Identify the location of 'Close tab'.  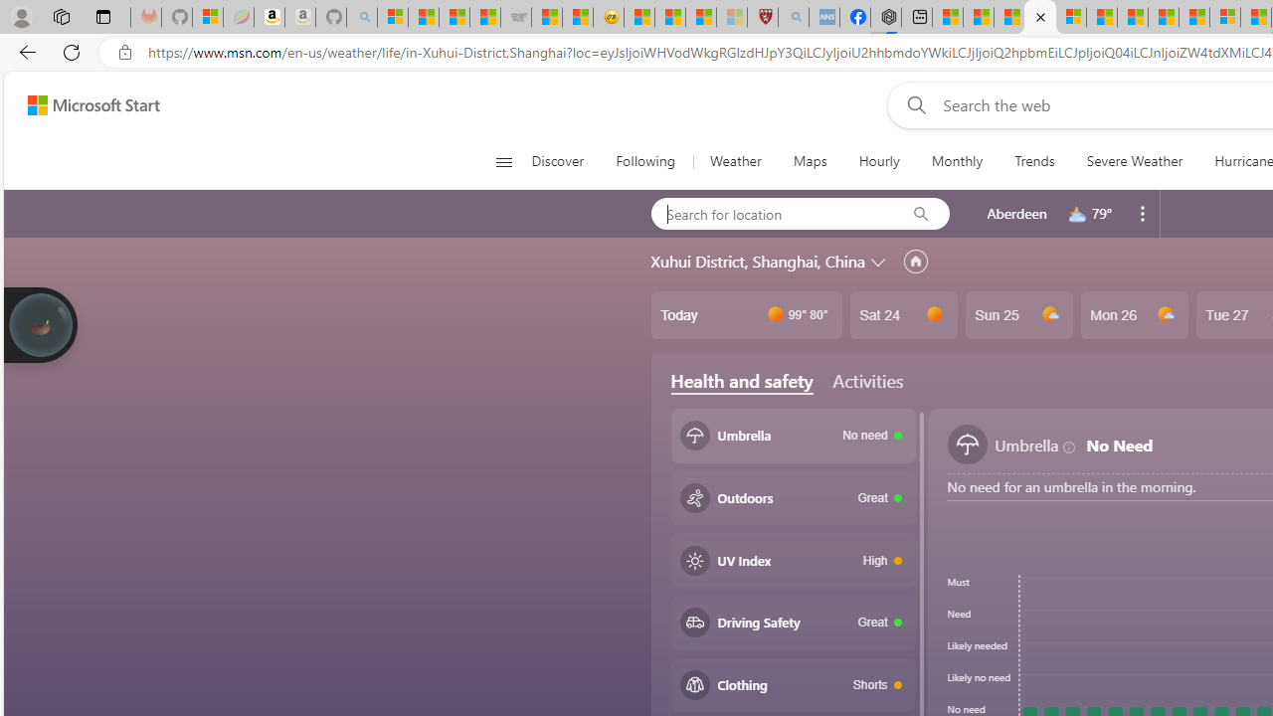
(1039, 17).